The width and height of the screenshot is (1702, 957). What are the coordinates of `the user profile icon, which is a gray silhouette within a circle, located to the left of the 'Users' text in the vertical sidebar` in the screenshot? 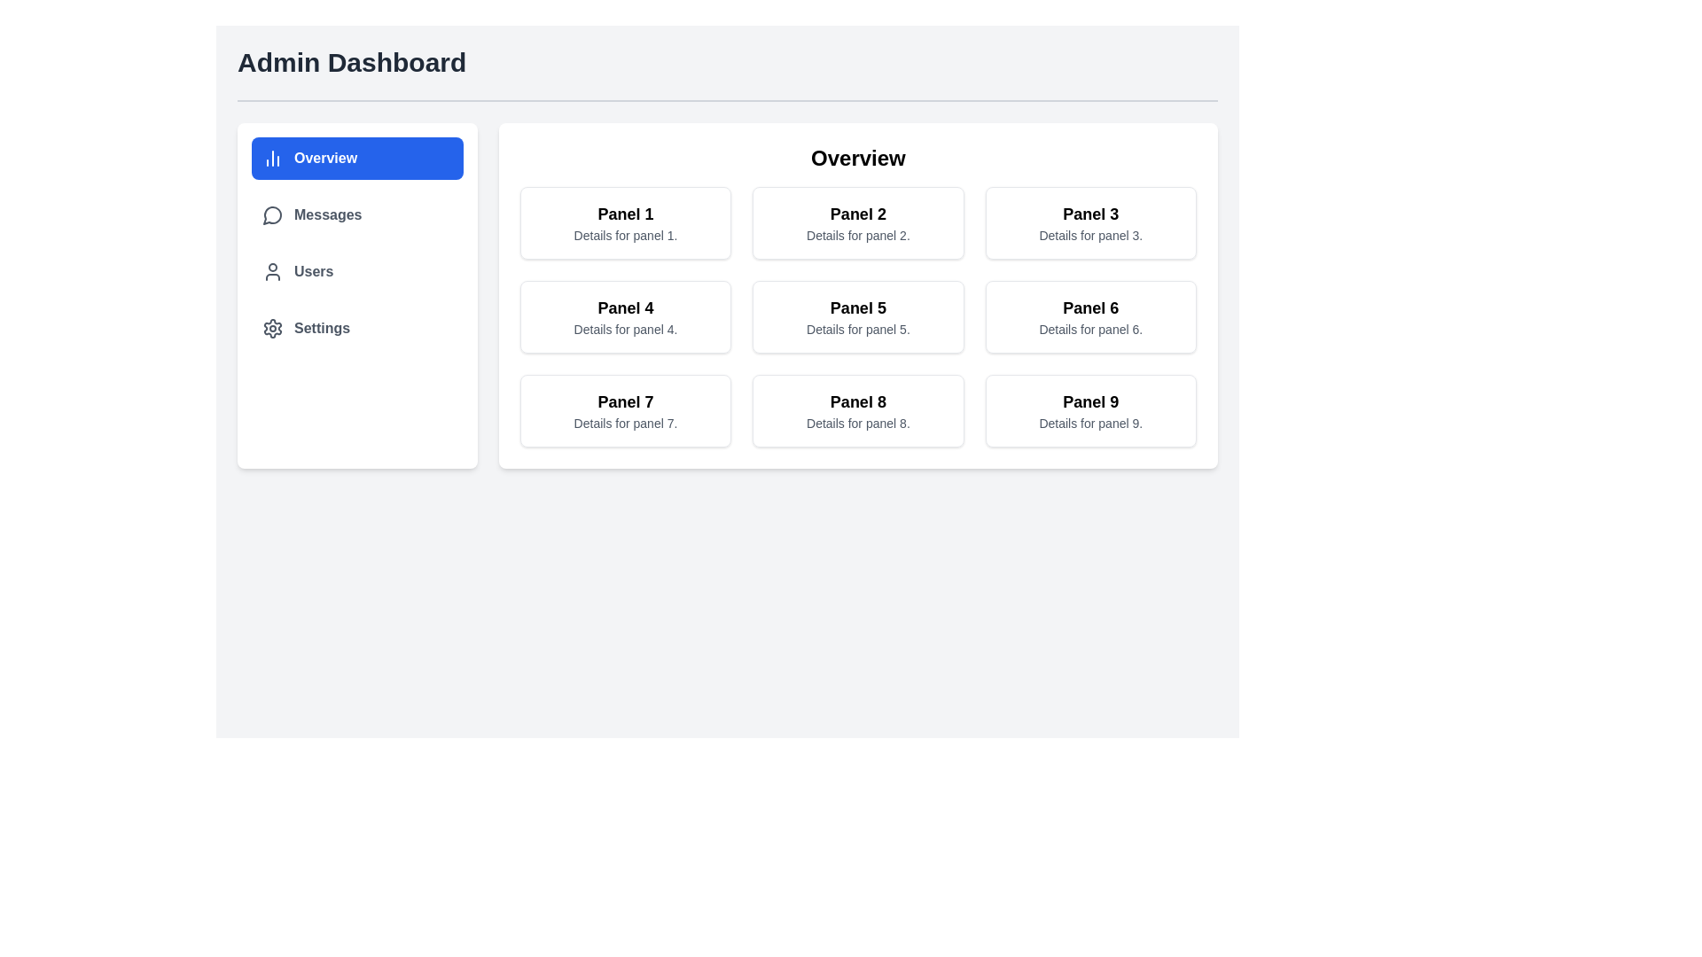 It's located at (271, 272).